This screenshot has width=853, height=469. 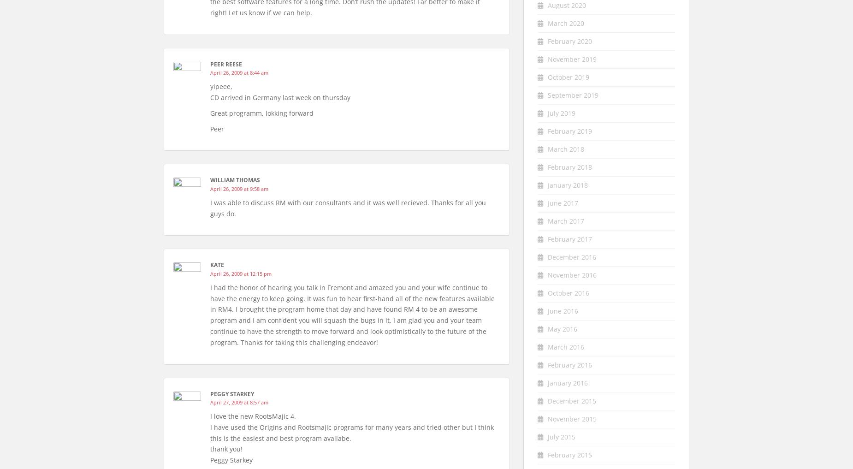 What do you see at coordinates (239, 188) in the screenshot?
I see `'April 26, 2009 at 9:58 am'` at bounding box center [239, 188].